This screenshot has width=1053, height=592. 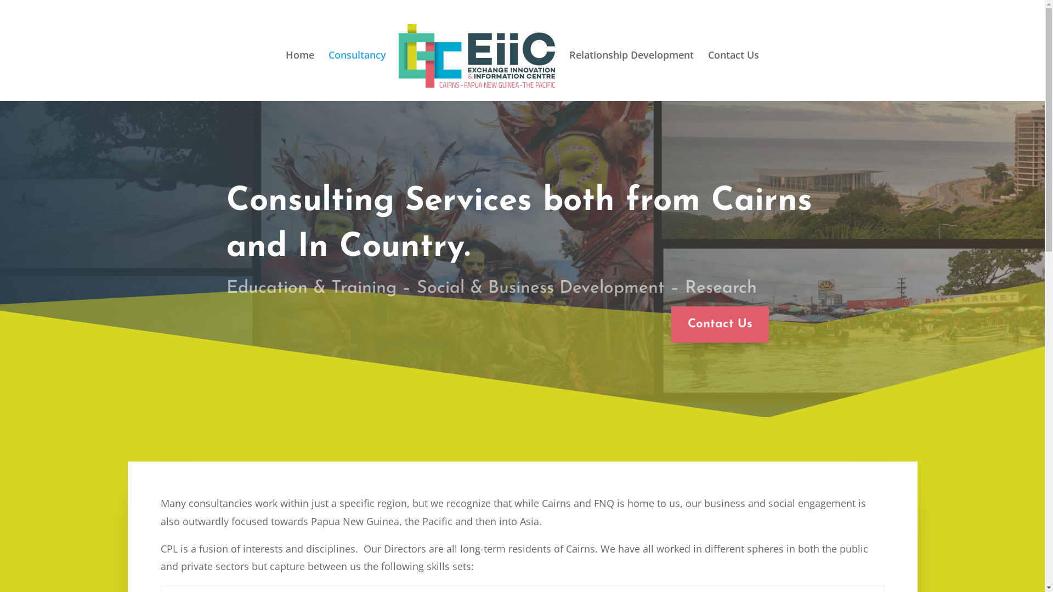 I want to click on 'Home', so click(x=300, y=70).